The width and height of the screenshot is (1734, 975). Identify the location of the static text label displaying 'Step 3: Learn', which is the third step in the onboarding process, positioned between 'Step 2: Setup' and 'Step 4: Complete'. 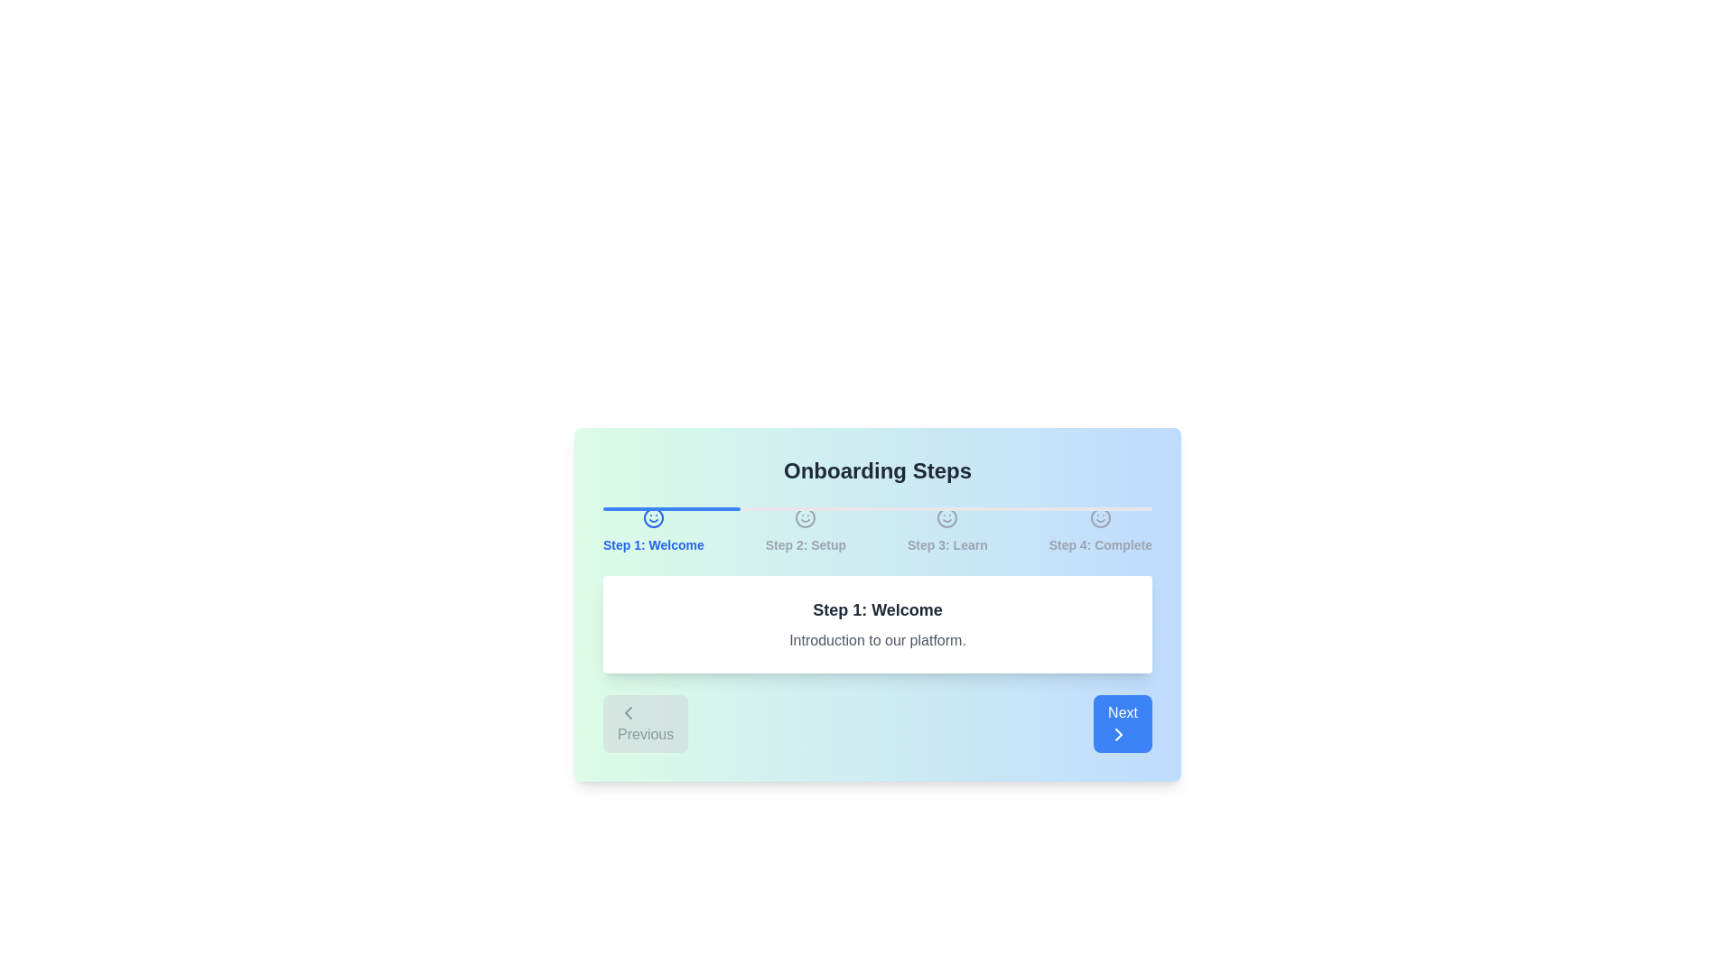
(946, 544).